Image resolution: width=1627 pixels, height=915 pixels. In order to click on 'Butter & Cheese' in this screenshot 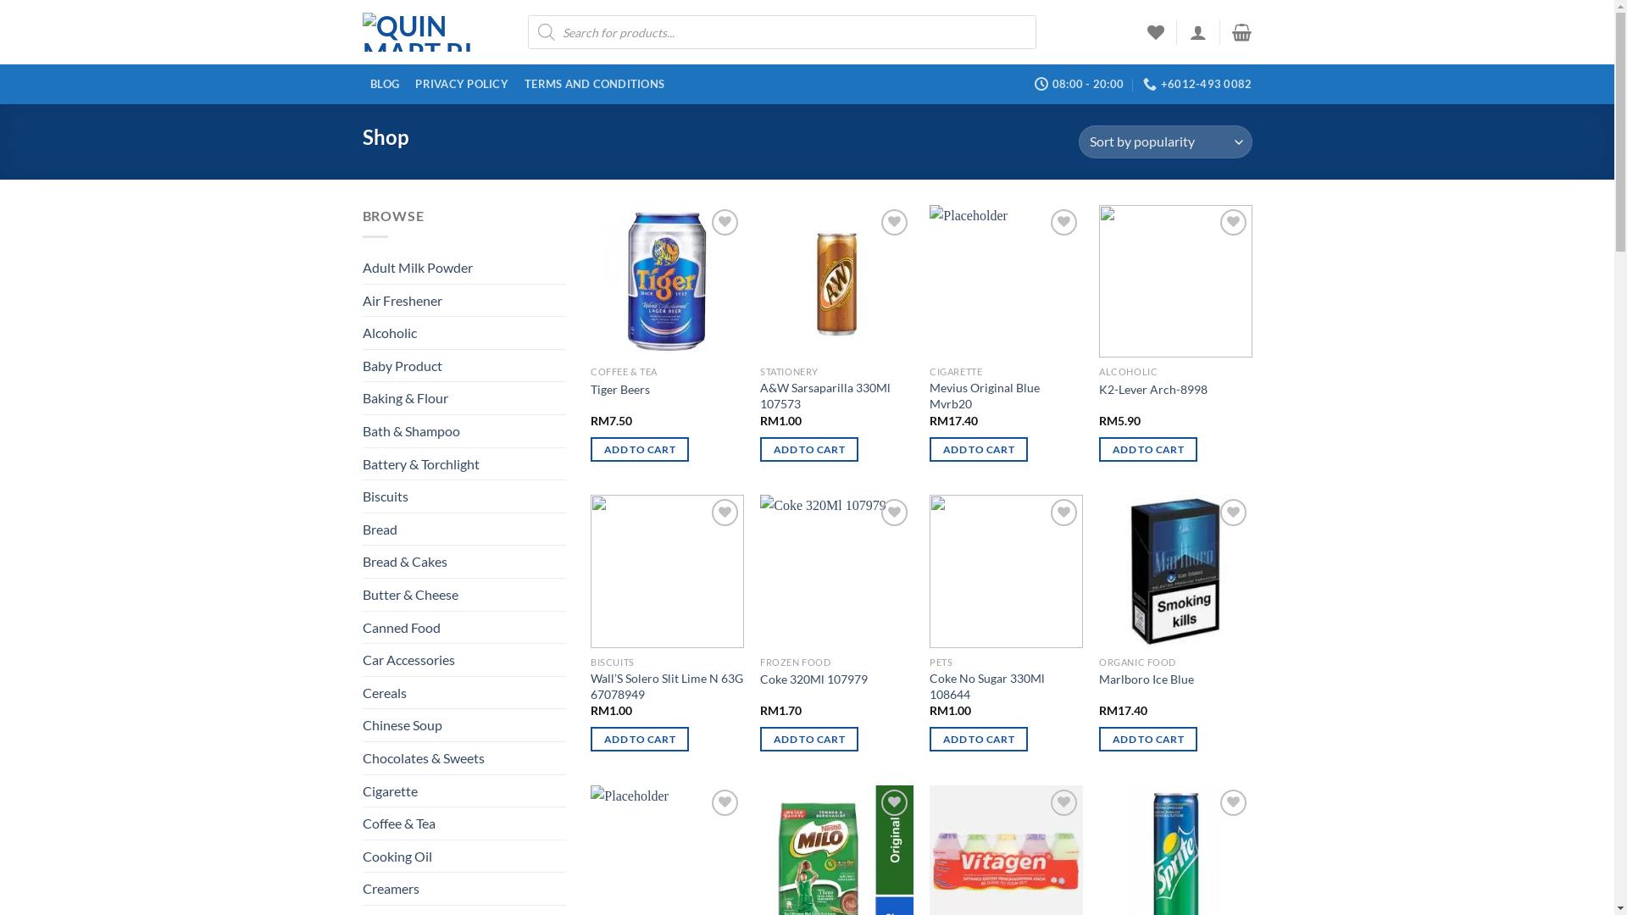, I will do `click(464, 594)`.